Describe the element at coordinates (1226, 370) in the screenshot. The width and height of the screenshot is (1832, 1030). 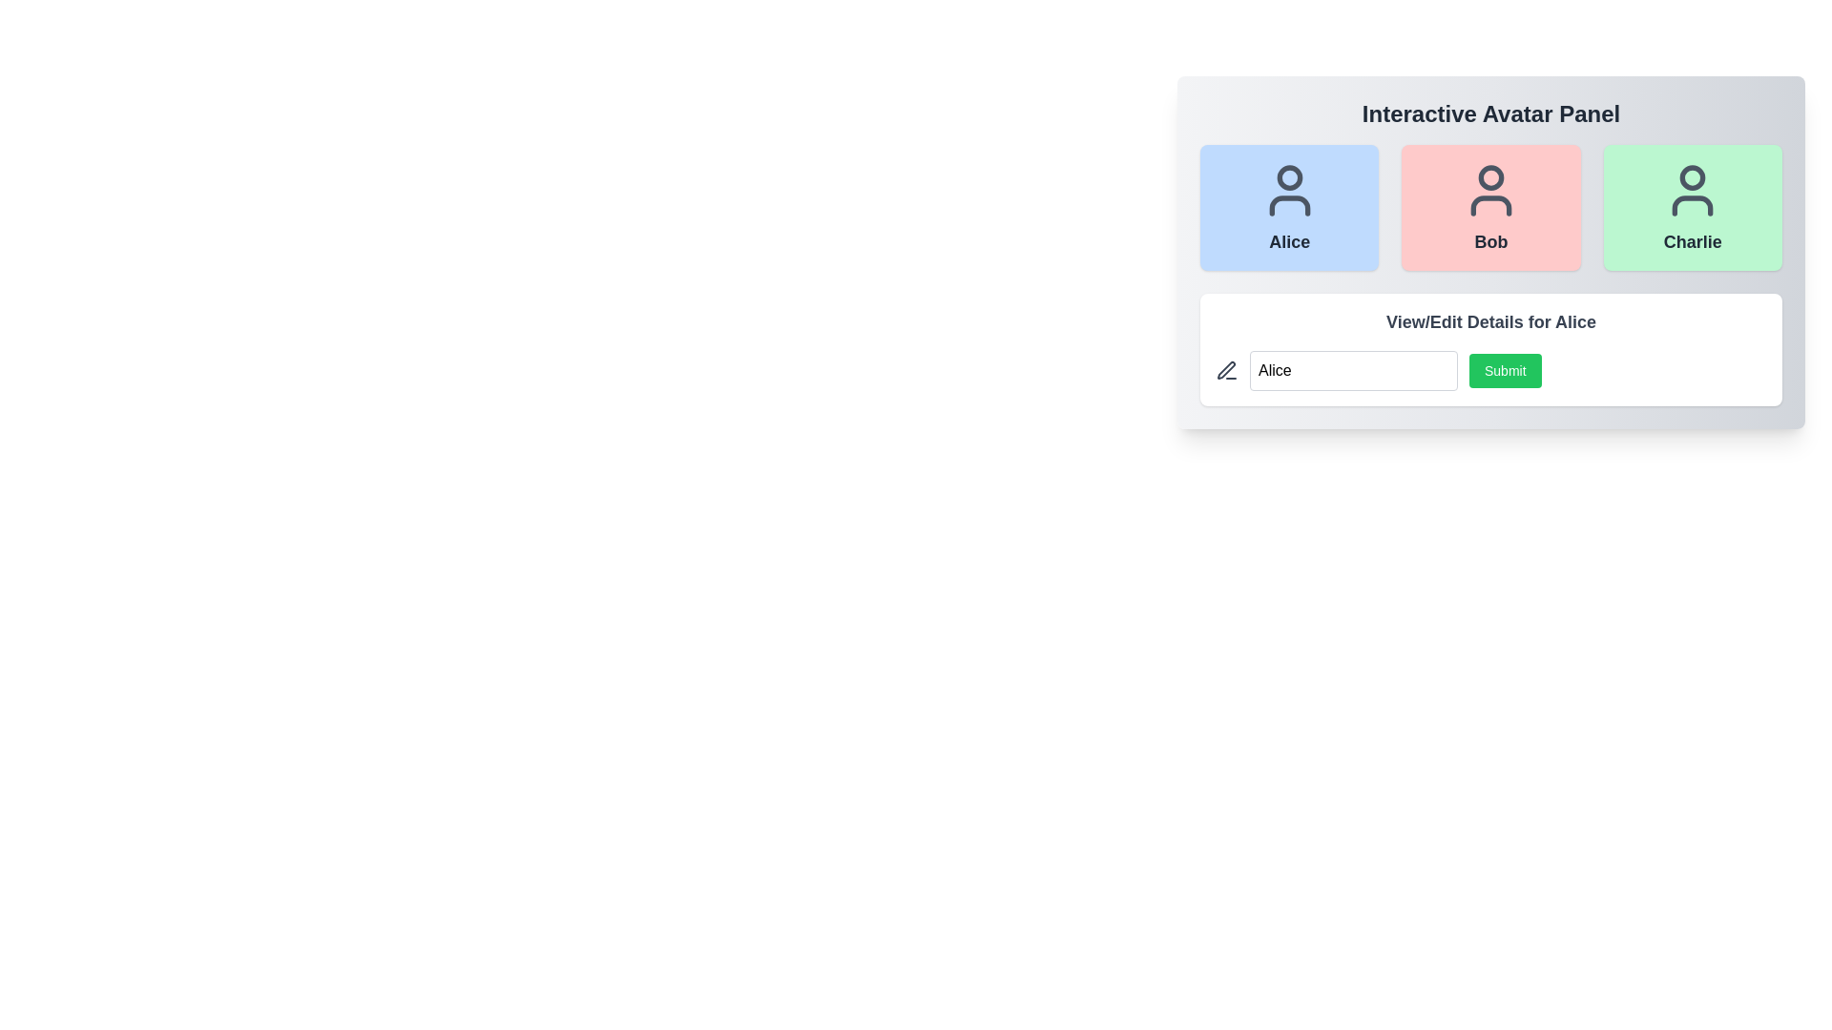
I see `the pen icon, which signifies an edit action in the user interface and is located at the middle-right of the interface` at that location.